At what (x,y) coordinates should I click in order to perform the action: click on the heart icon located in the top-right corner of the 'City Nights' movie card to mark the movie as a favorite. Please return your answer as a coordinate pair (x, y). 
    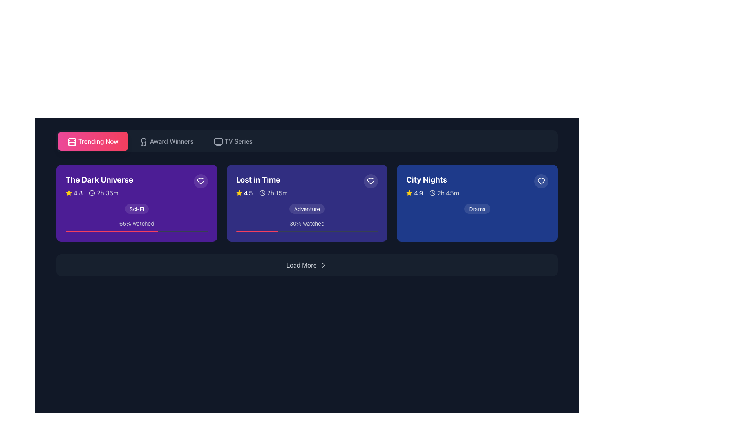
    Looking at the image, I should click on (540, 181).